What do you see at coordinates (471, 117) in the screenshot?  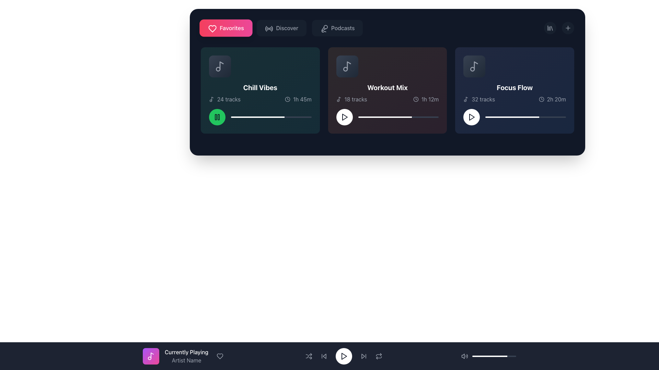 I see `the circular play button with a white background and a black outlined triangular play icon located at the bottom left of the 'Focus Flow' music card to play the music` at bounding box center [471, 117].